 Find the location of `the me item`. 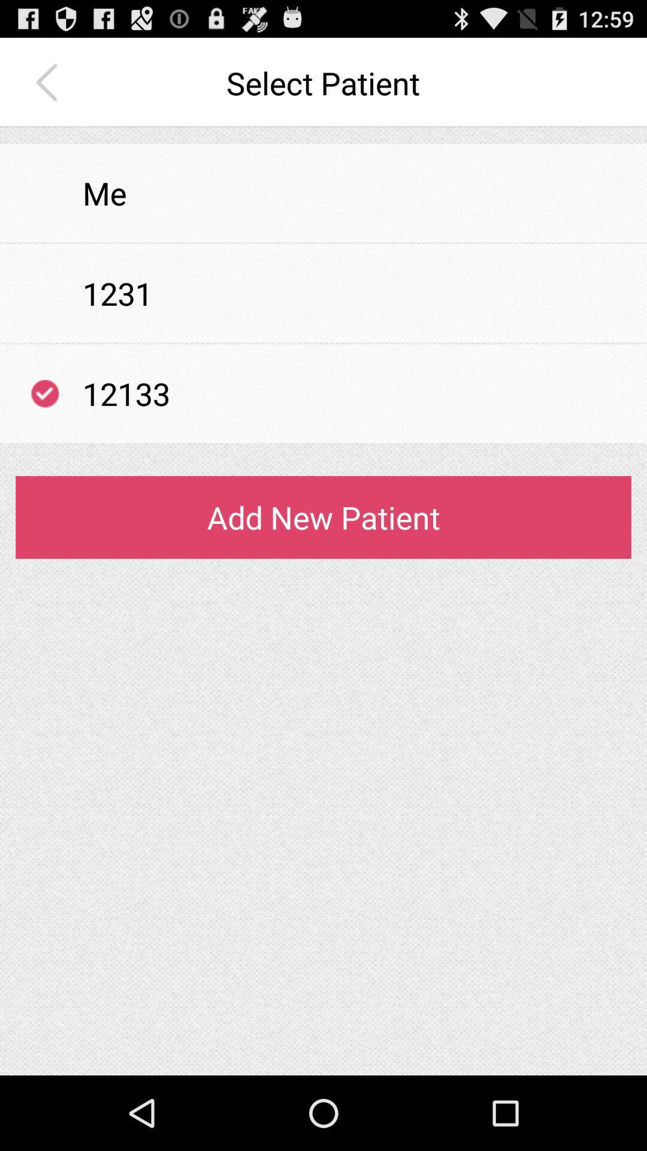

the me item is located at coordinates (104, 193).